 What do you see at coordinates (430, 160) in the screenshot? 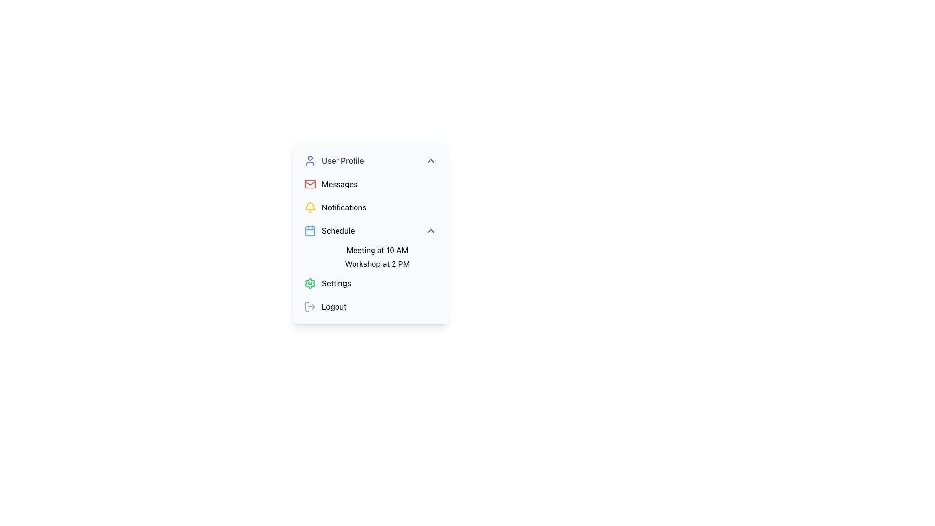
I see `the Chevron indicator icon next to the 'User Profile' option` at bounding box center [430, 160].